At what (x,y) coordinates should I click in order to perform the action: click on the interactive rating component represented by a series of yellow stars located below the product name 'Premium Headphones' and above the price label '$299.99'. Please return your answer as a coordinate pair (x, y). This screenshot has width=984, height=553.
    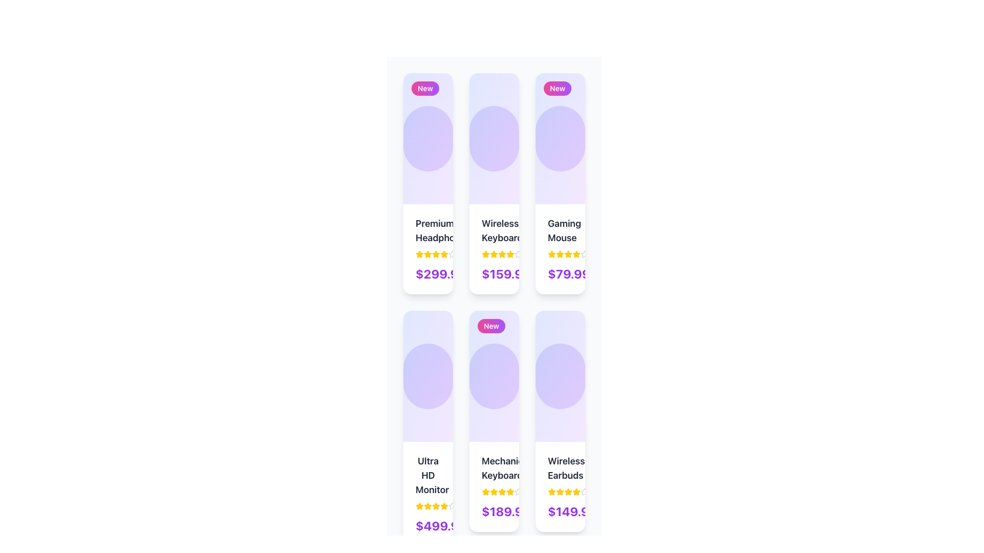
    Looking at the image, I should click on (428, 254).